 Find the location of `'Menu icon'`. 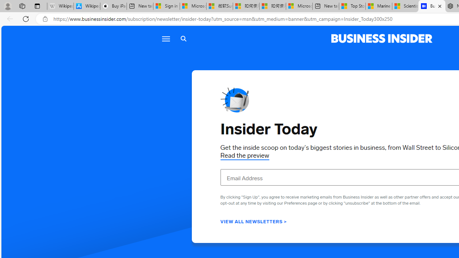

'Menu icon' is located at coordinates (165, 39).